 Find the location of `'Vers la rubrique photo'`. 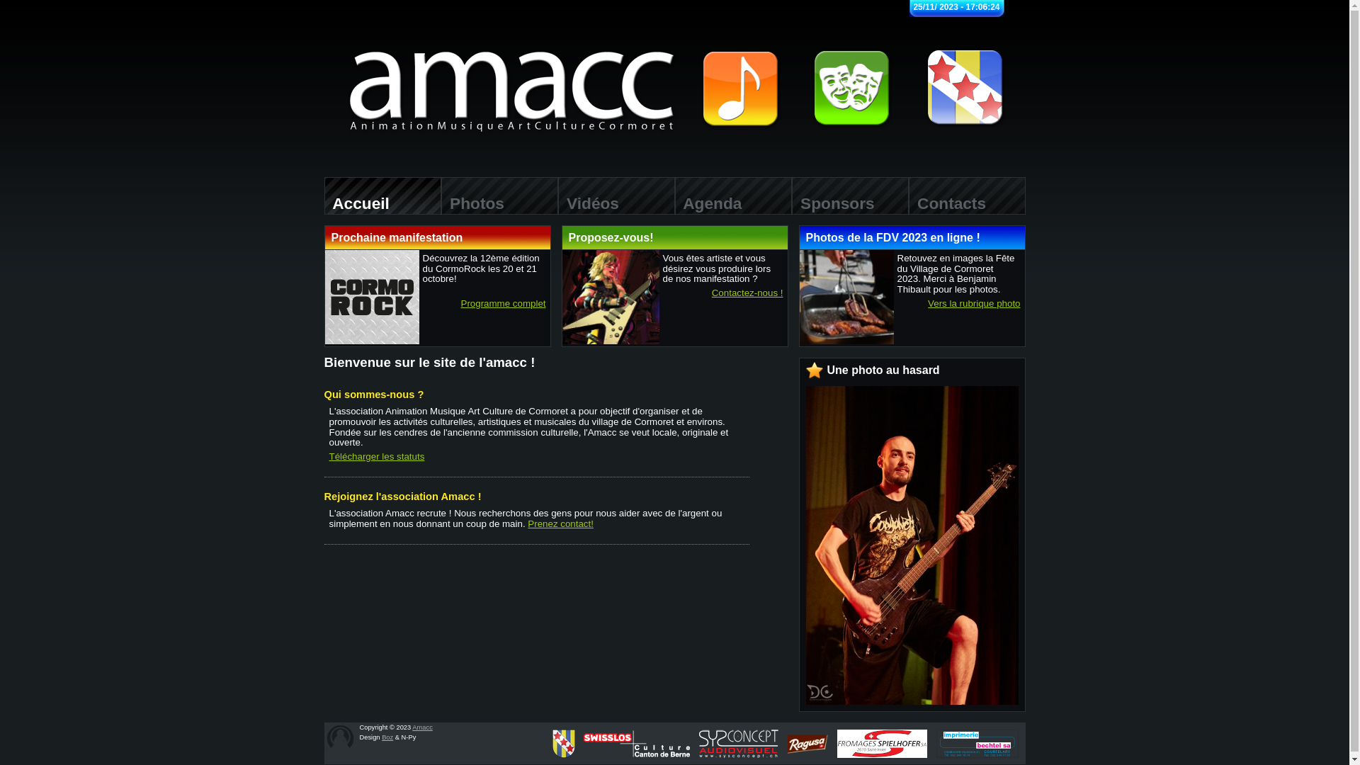

'Vers la rubrique photo' is located at coordinates (973, 303).